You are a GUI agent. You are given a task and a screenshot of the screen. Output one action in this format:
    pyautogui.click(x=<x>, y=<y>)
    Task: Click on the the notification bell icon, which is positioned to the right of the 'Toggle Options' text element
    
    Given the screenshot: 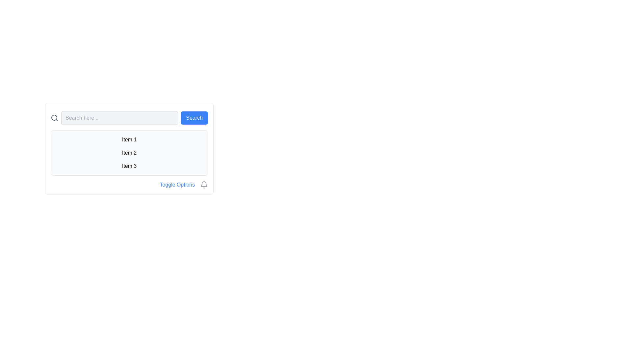 What is the action you would take?
    pyautogui.click(x=203, y=185)
    